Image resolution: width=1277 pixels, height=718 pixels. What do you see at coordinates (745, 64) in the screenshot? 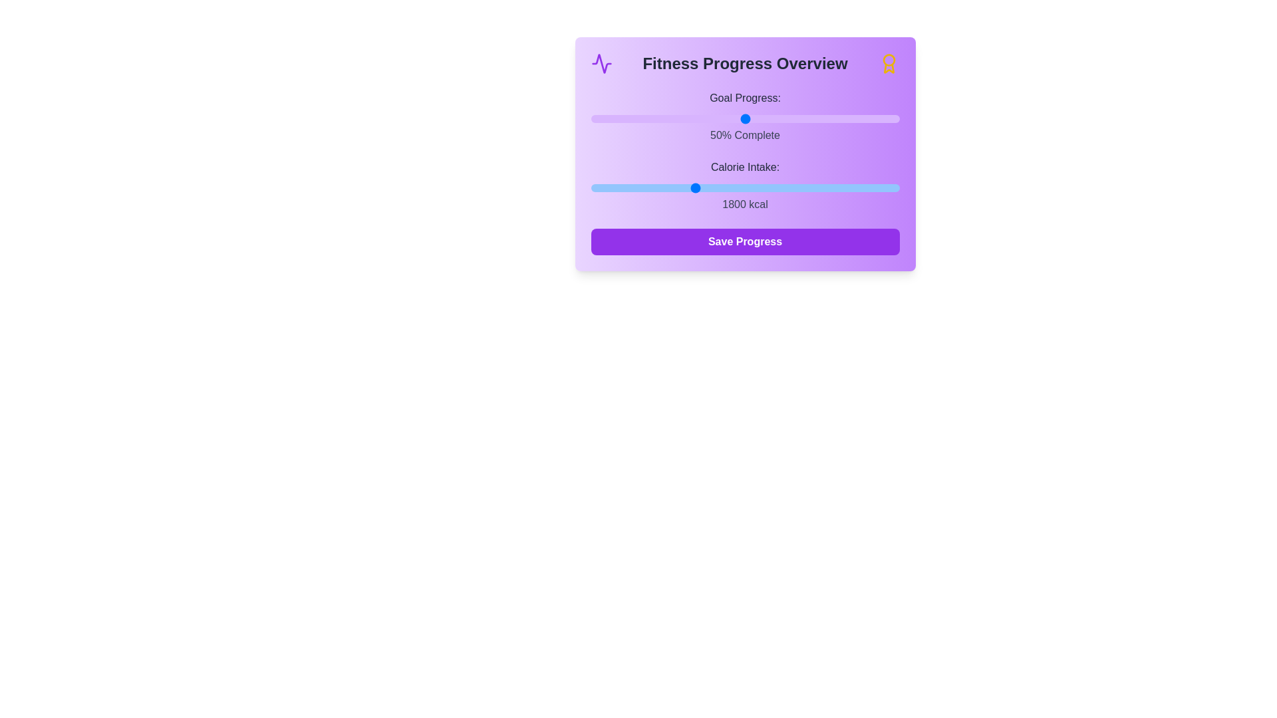
I see `text content of the header or title located at the top of the fitness tracking card, which is centrally positioned and flanked by icons` at bounding box center [745, 64].